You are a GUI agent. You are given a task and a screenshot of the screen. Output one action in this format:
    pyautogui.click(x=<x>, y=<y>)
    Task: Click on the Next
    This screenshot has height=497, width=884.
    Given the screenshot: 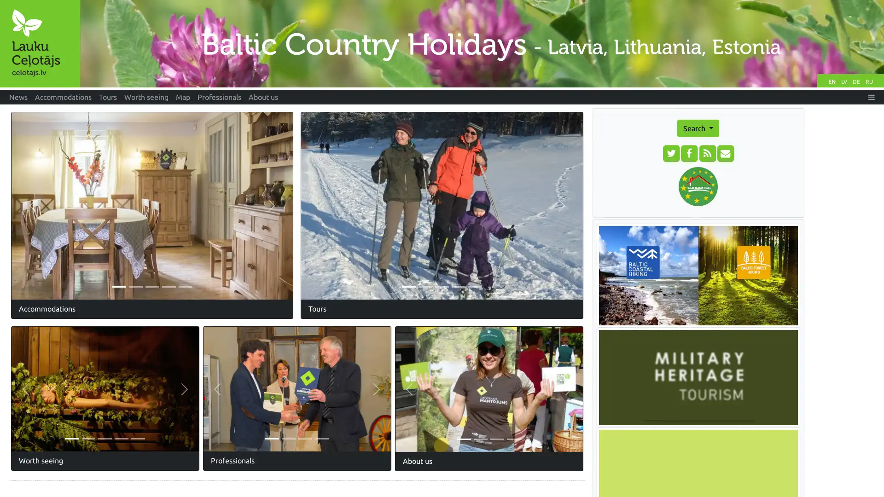 What is the action you would take?
    pyautogui.click(x=561, y=205)
    